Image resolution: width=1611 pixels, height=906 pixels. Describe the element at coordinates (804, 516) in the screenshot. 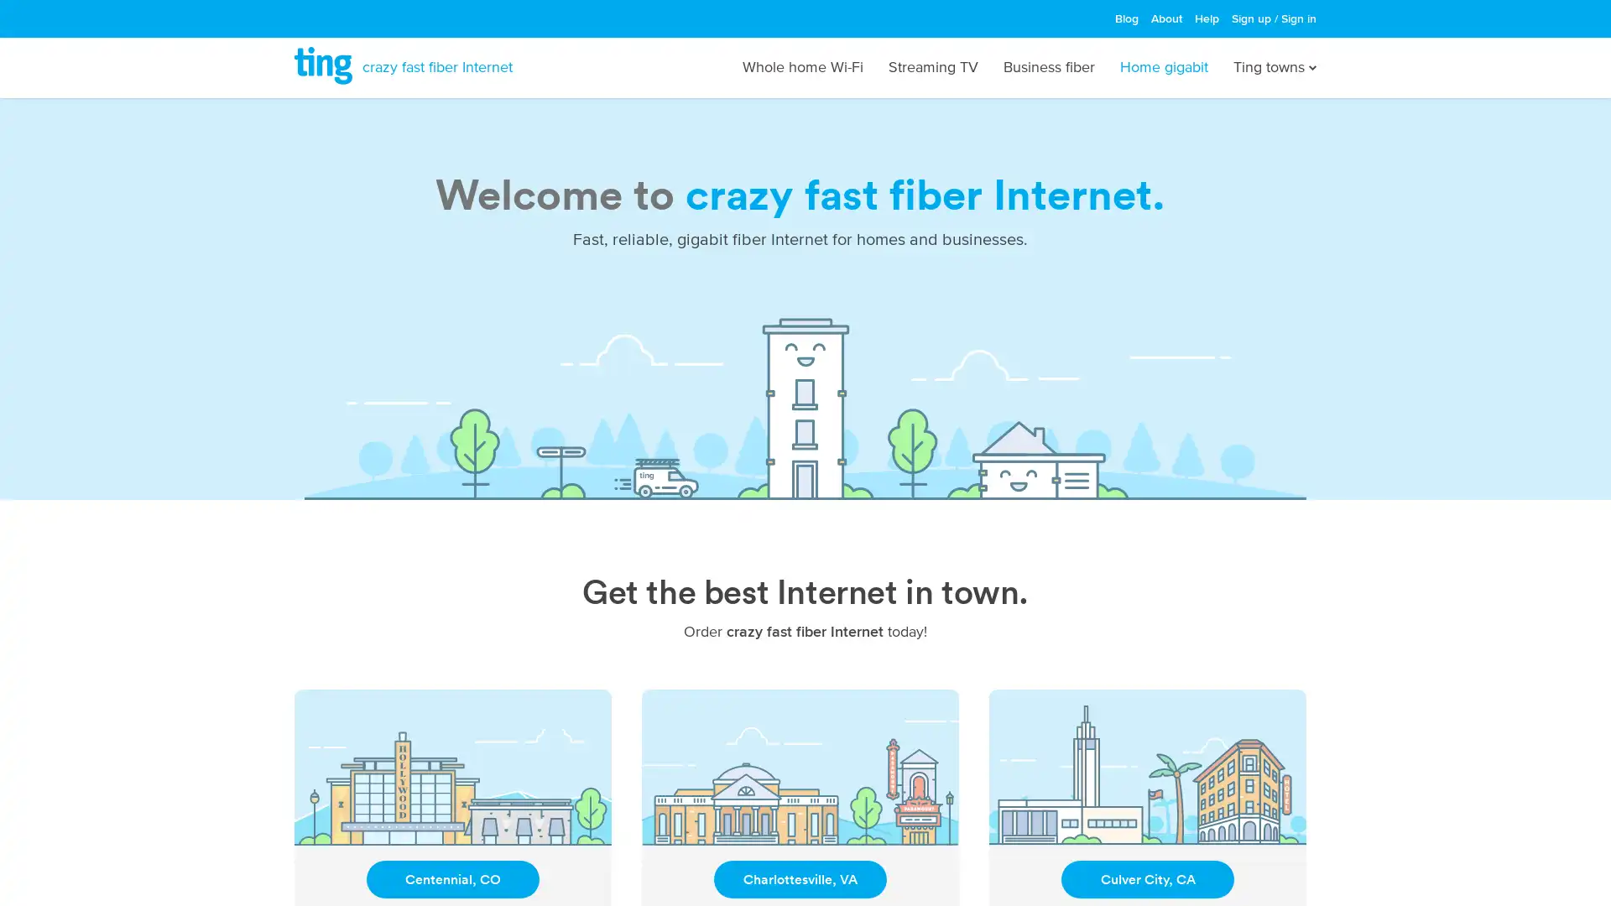

I see `Continue to Ting Internet` at that location.